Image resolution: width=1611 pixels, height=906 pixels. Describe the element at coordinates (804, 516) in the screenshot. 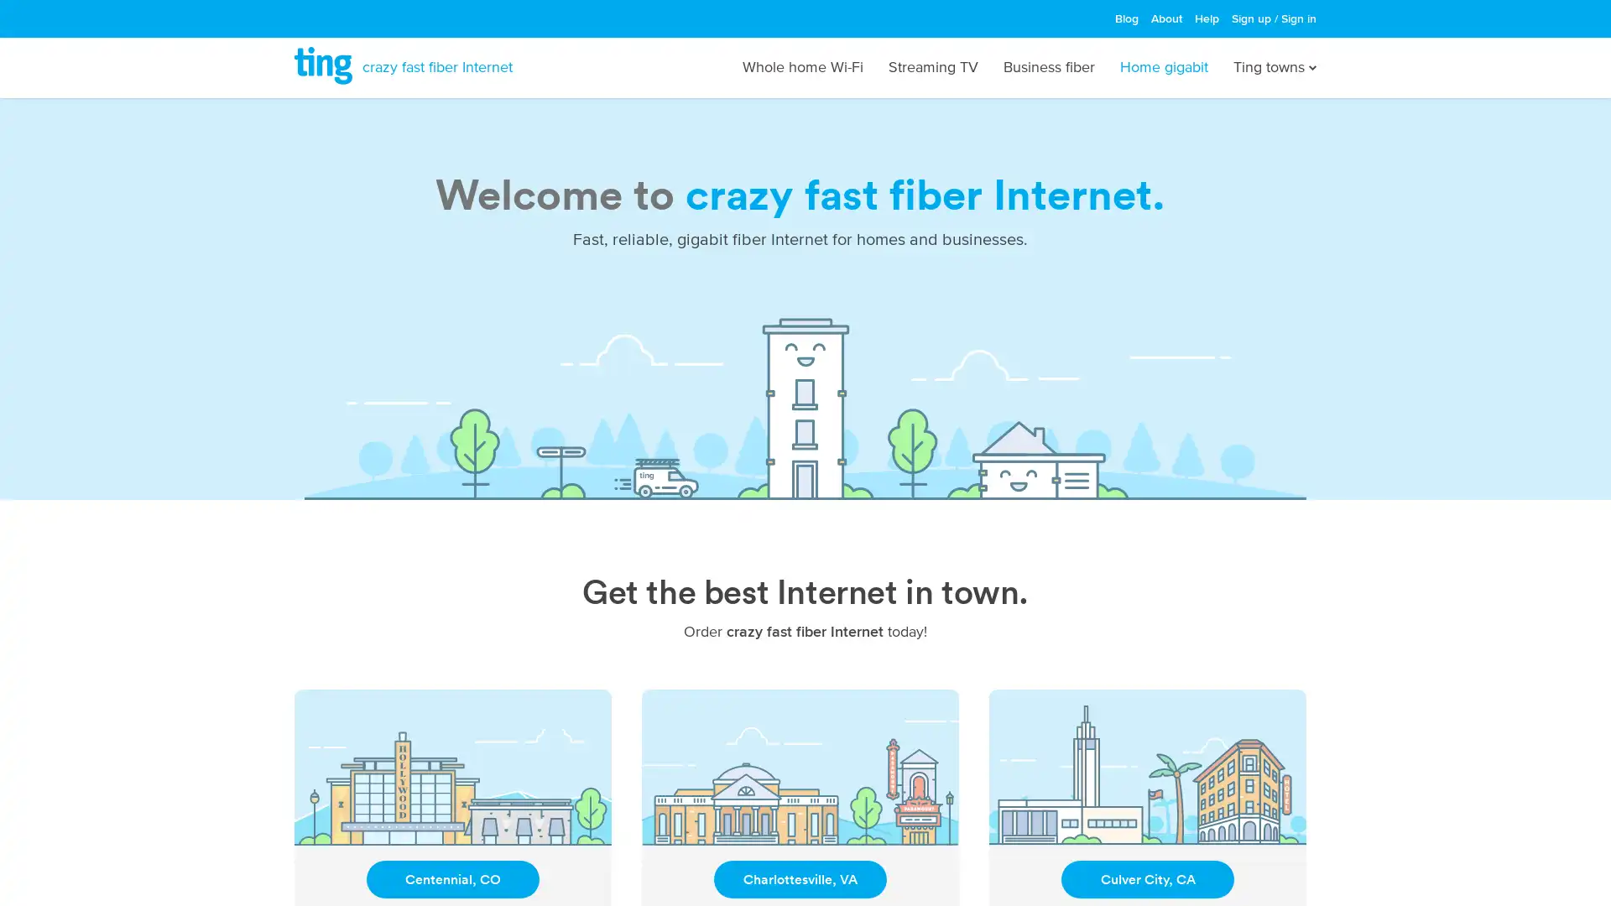

I see `Continue to Ting Internet` at that location.